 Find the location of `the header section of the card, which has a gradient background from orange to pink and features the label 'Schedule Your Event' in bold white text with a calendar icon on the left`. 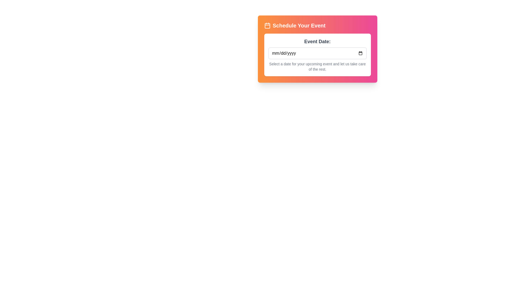

the header section of the card, which has a gradient background from orange to pink and features the label 'Schedule Your Event' in bold white text with a calendar icon on the left is located at coordinates (317, 26).